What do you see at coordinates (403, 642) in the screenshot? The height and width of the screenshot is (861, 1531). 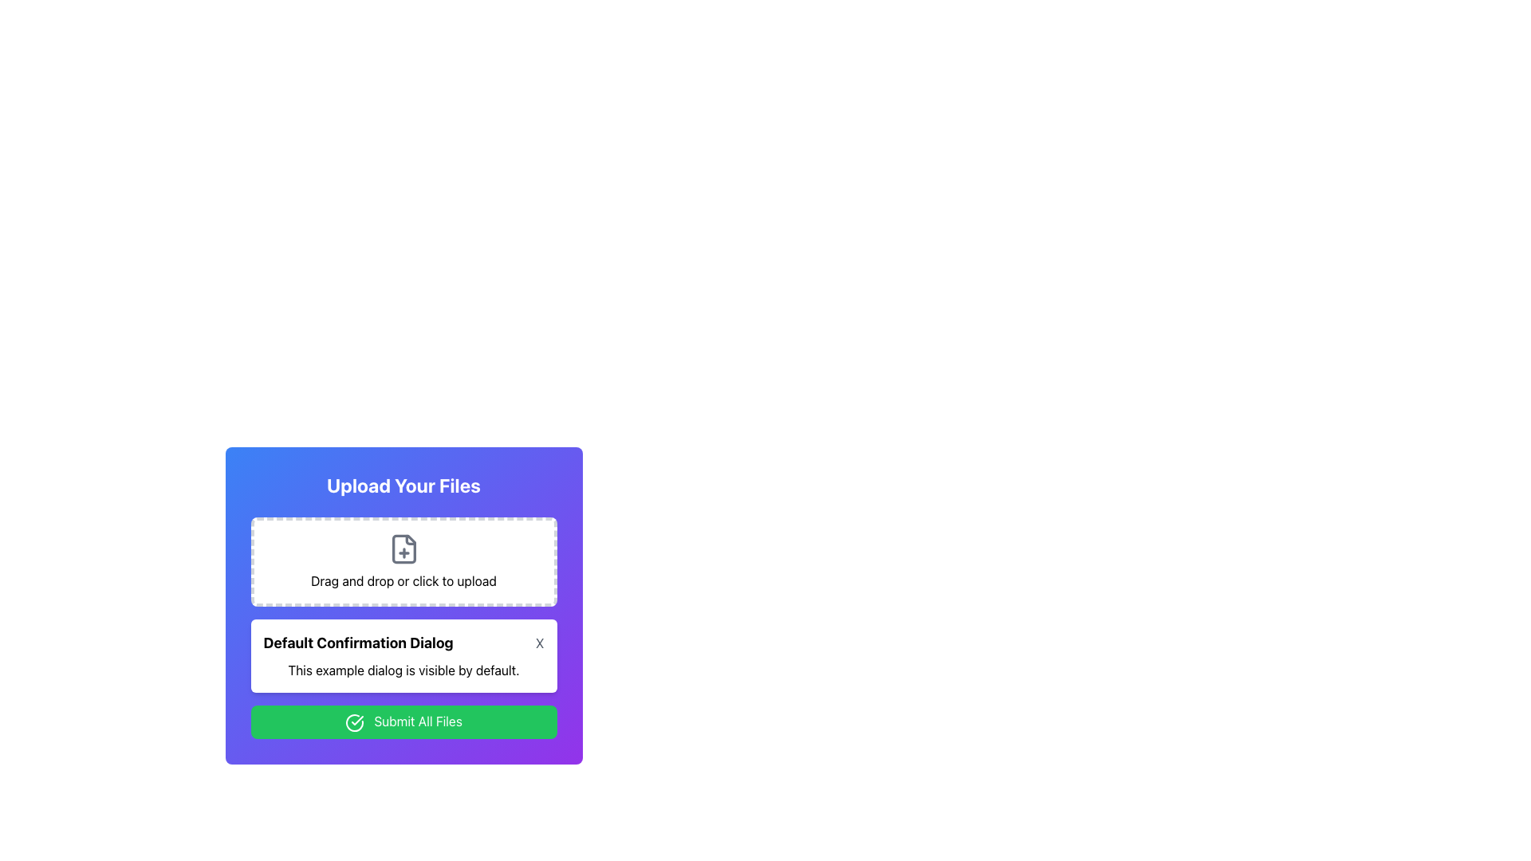 I see `the 'X' close button in the header of the popup dialog` at bounding box center [403, 642].